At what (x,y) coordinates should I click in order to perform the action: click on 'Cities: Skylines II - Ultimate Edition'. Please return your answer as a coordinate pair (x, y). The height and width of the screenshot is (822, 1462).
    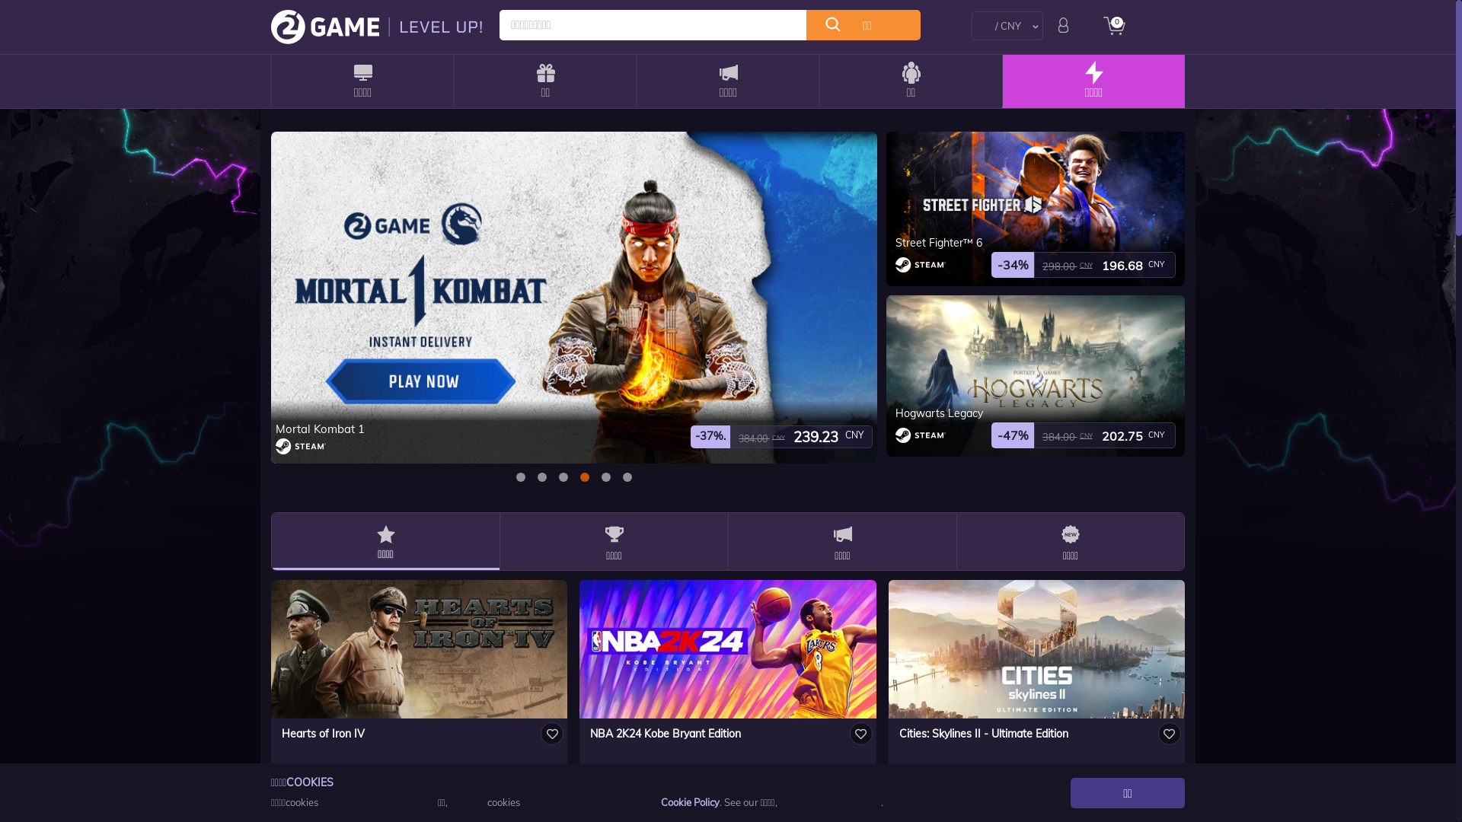
    Looking at the image, I should click on (983, 733).